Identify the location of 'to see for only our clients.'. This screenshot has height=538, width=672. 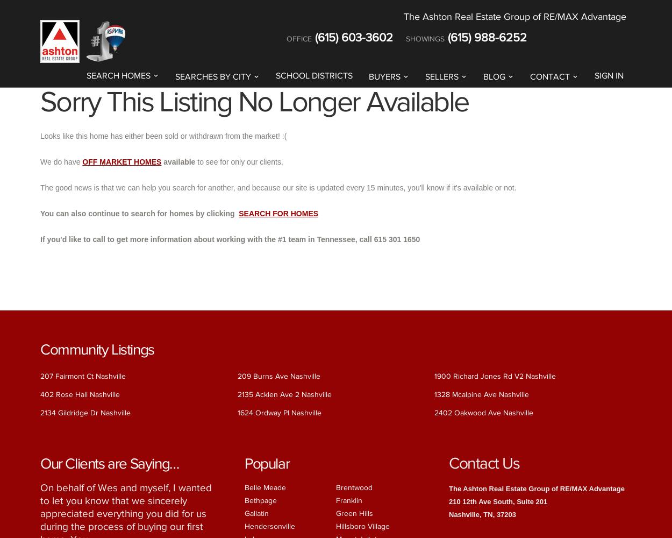
(239, 161).